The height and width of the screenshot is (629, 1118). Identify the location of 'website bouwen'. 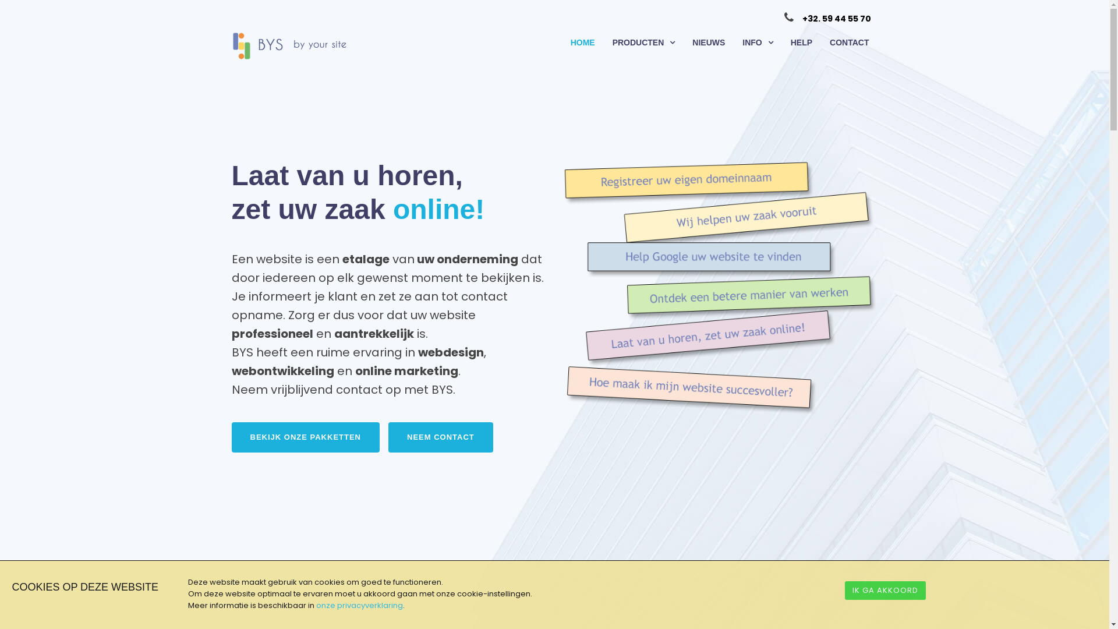
(720, 287).